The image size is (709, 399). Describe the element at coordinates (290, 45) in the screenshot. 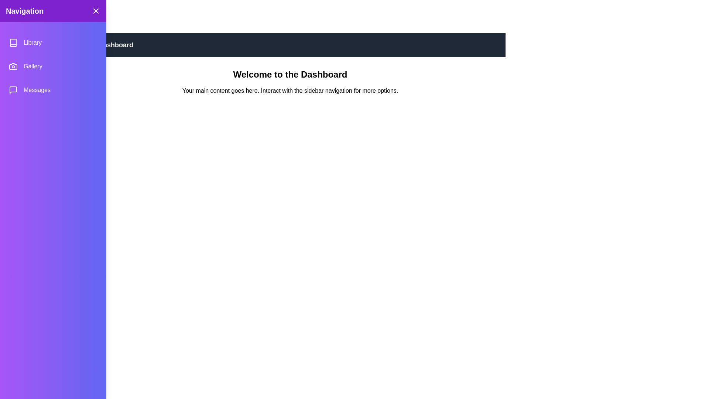

I see `the header bar indicating the 'Dashboard' page for navigation context` at that location.